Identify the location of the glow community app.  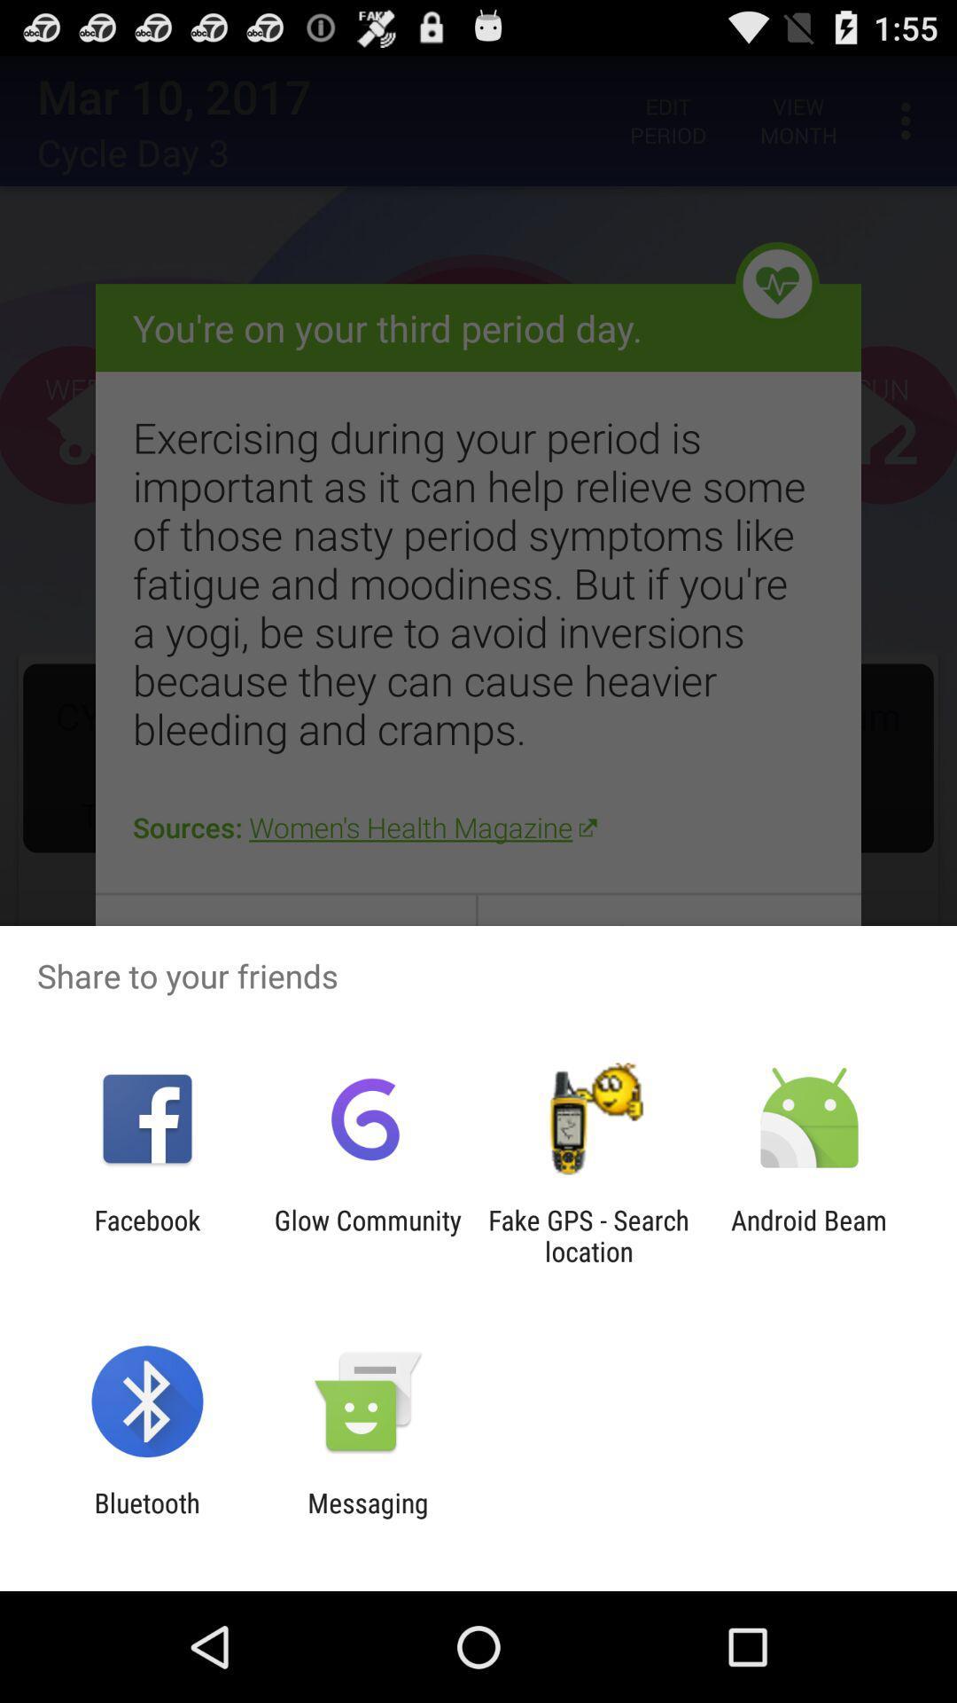
(367, 1235).